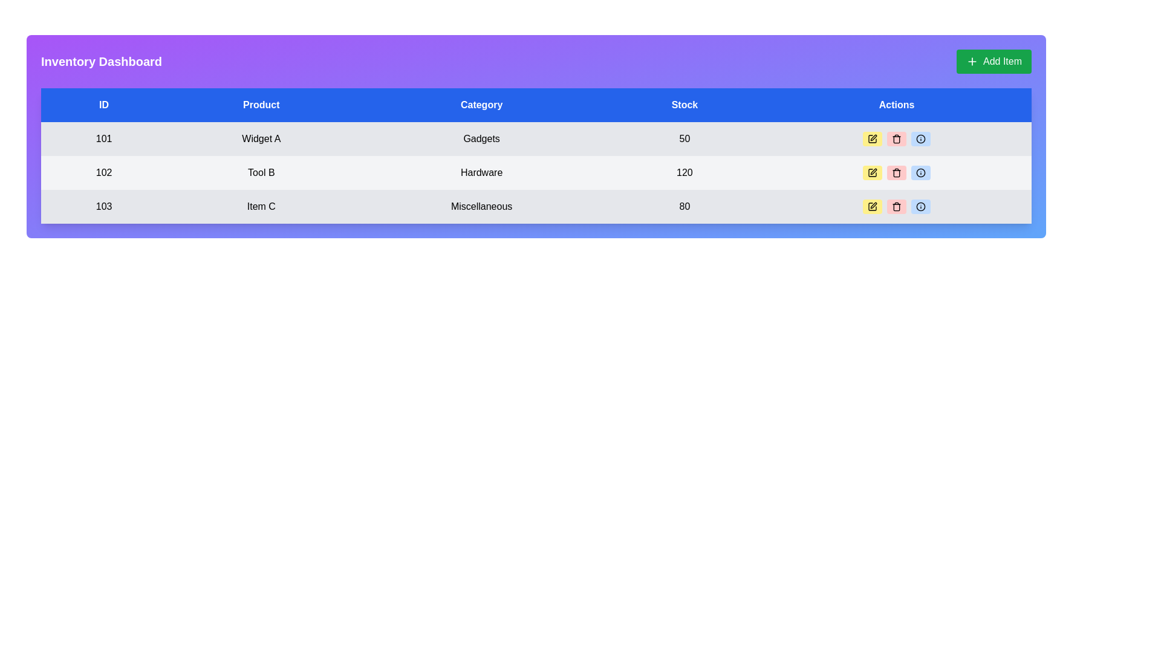 The width and height of the screenshot is (1161, 653). Describe the element at coordinates (102, 61) in the screenshot. I see `the prominent text label element reading 'Inventory Dashboard' which is styled with bold, white text on a purple background` at that location.